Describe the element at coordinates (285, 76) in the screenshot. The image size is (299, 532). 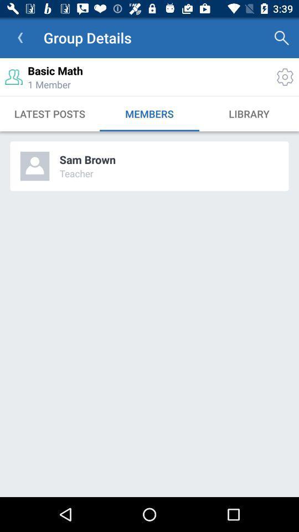
I see `settings` at that location.